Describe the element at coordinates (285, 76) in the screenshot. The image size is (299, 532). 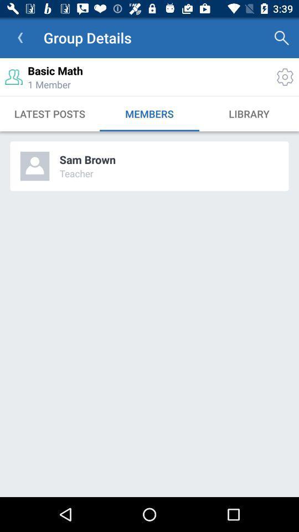
I see `settings` at that location.